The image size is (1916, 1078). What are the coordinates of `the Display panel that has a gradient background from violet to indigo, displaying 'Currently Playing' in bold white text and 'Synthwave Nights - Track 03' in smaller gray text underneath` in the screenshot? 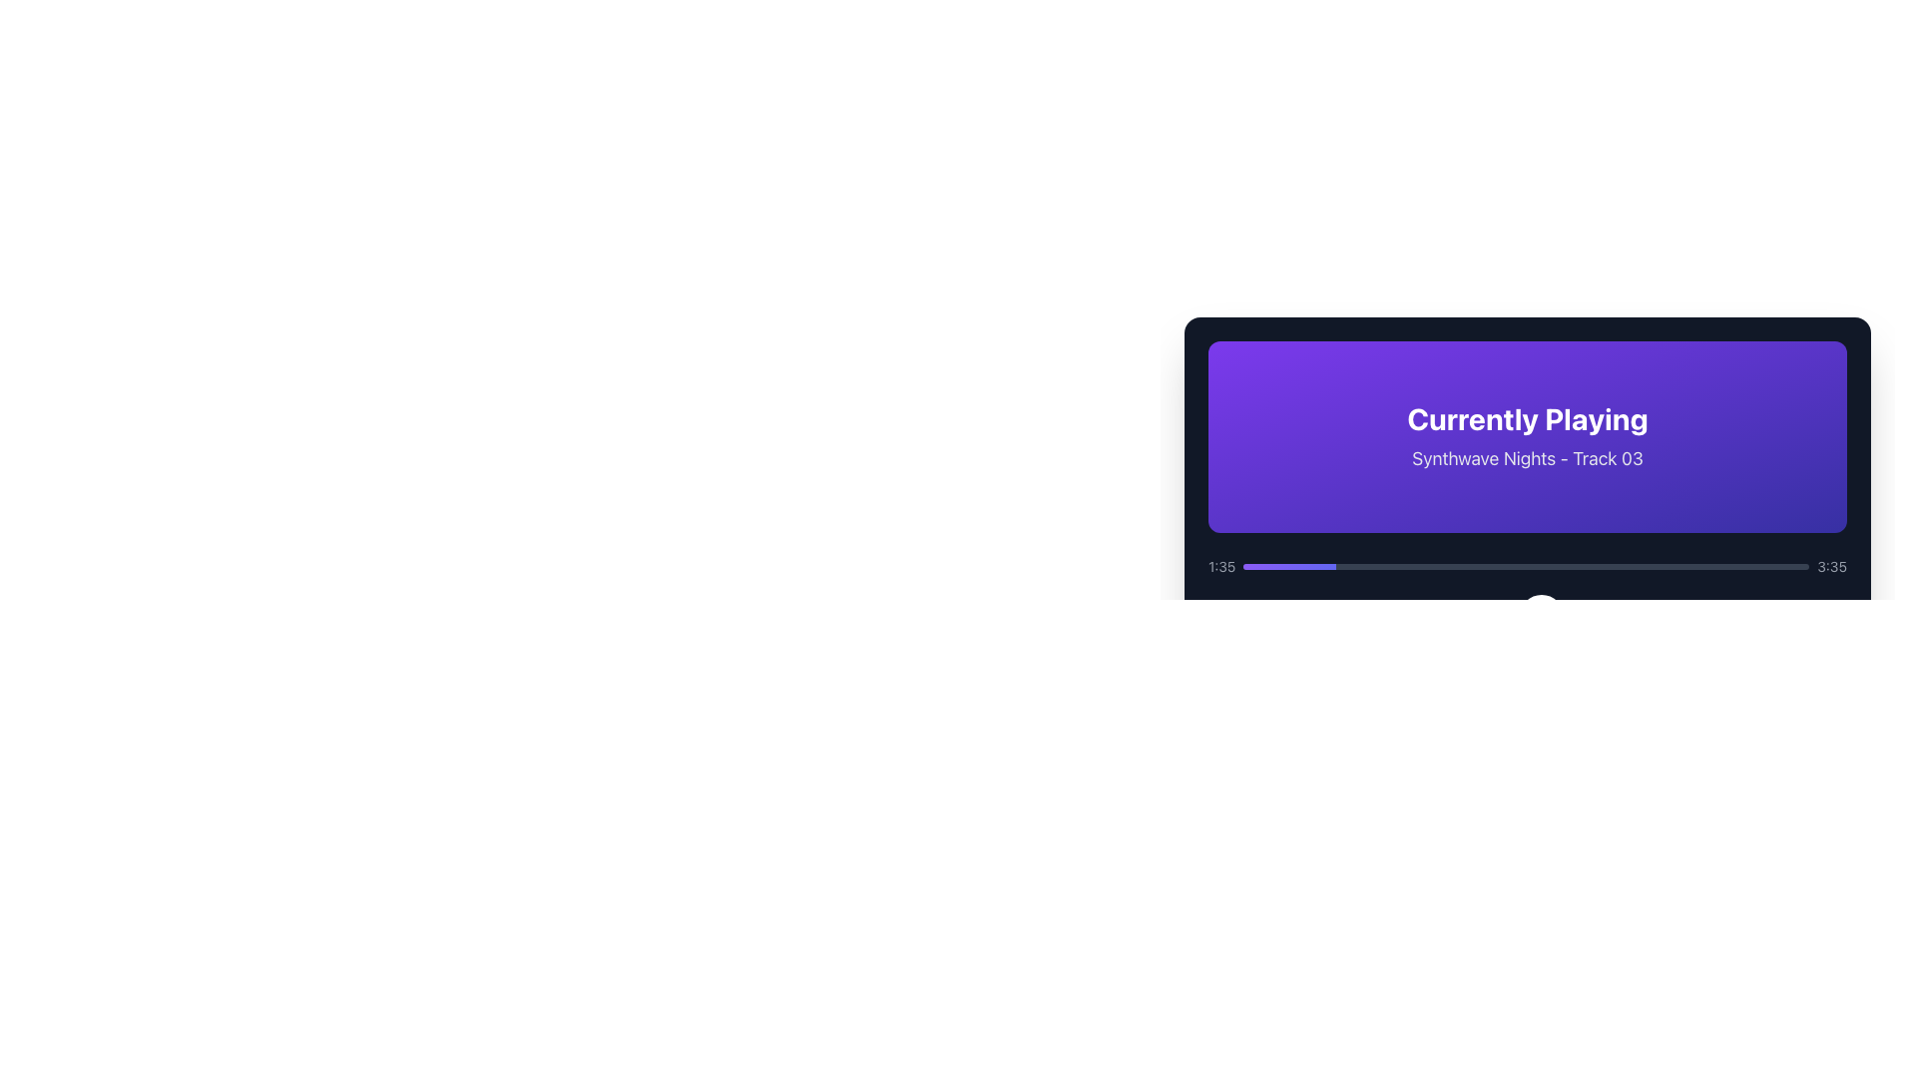 It's located at (1527, 436).